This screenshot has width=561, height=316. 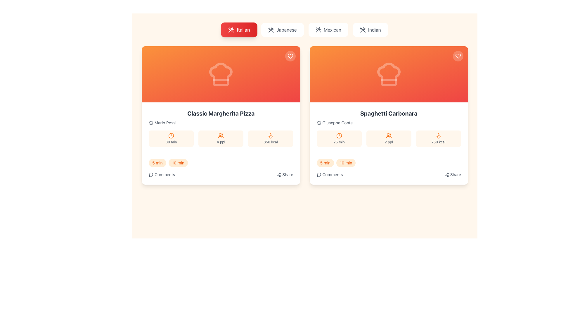 I want to click on the horizontally oriented button labeled 'Mexican' with crossed utensils icon, located between 'Japanese' and 'Indian' buttons, so click(x=328, y=30).